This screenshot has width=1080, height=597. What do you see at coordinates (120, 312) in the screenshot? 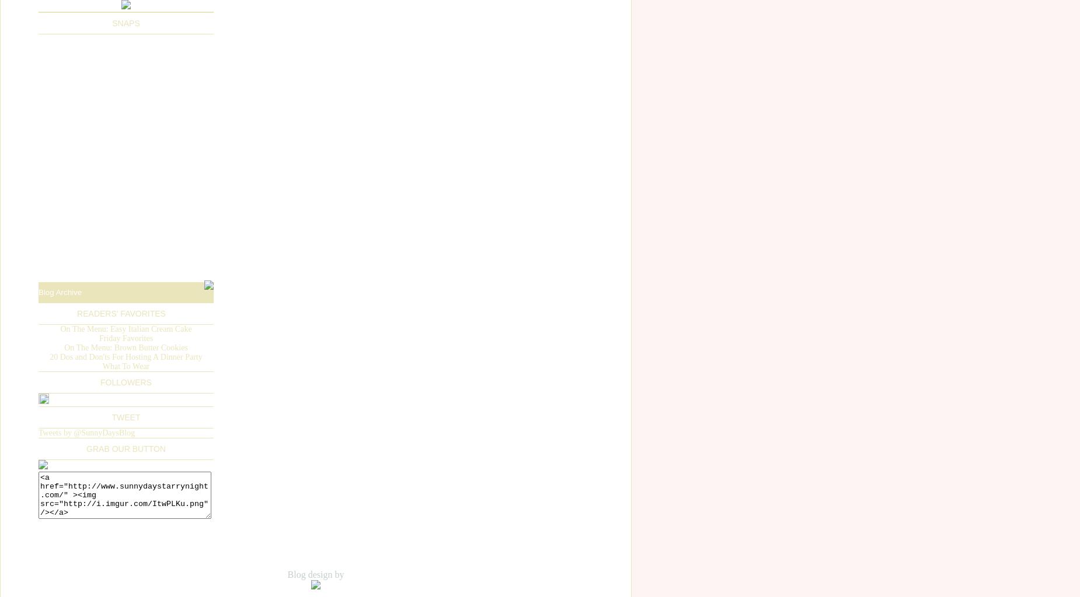
I see `'Readers' favorites'` at bounding box center [120, 312].